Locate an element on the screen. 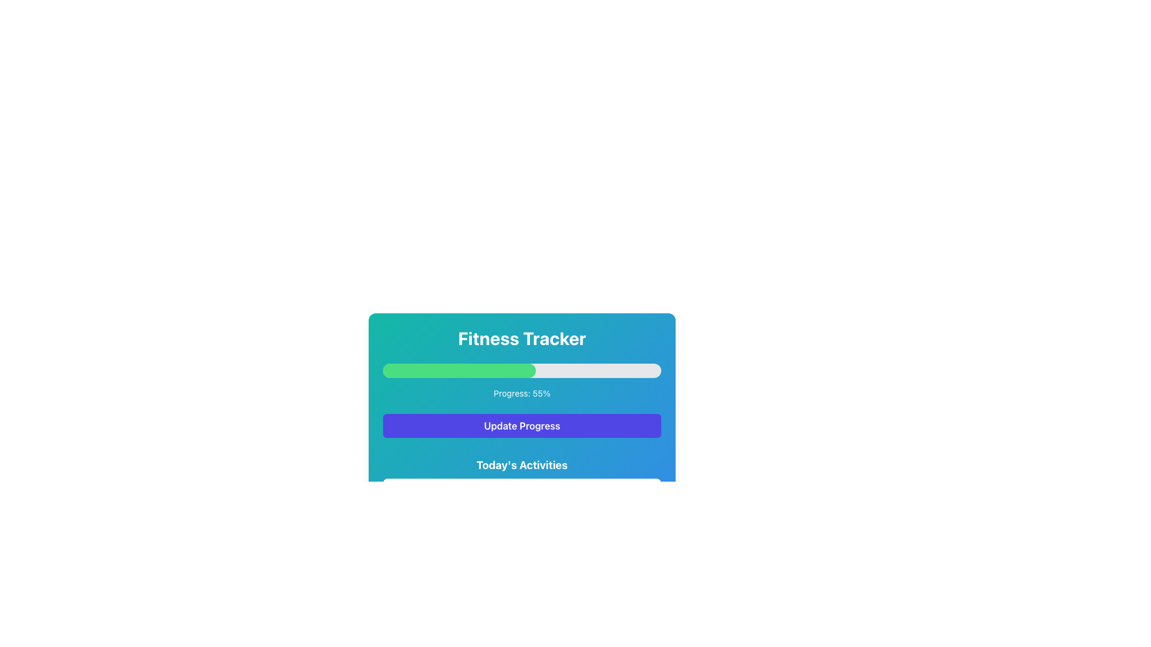 The width and height of the screenshot is (1151, 647). the static text indicating the current progress percentage, which is centrally aligned below the progress bar and above the 'Update Progress' button is located at coordinates (522, 393).